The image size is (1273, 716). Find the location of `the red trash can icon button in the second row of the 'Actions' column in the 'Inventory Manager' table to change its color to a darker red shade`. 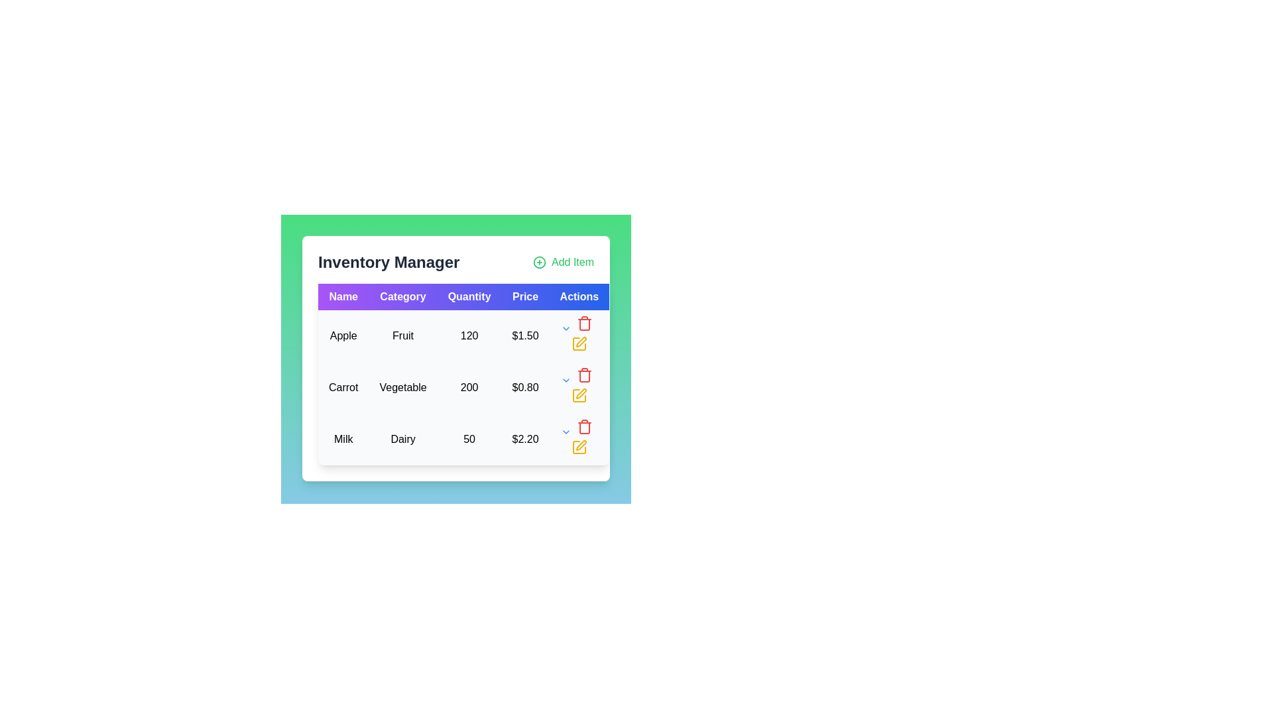

the red trash can icon button in the second row of the 'Actions' column in the 'Inventory Manager' table to change its color to a darker red shade is located at coordinates (583, 375).